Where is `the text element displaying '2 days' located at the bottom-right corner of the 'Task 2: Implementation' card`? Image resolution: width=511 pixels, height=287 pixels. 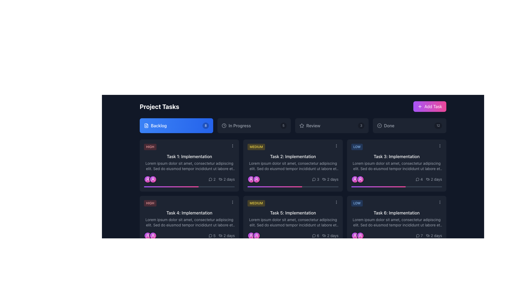 the text element displaying '2 days' located at the bottom-right corner of the 'Task 2: Implementation' card is located at coordinates (332, 179).